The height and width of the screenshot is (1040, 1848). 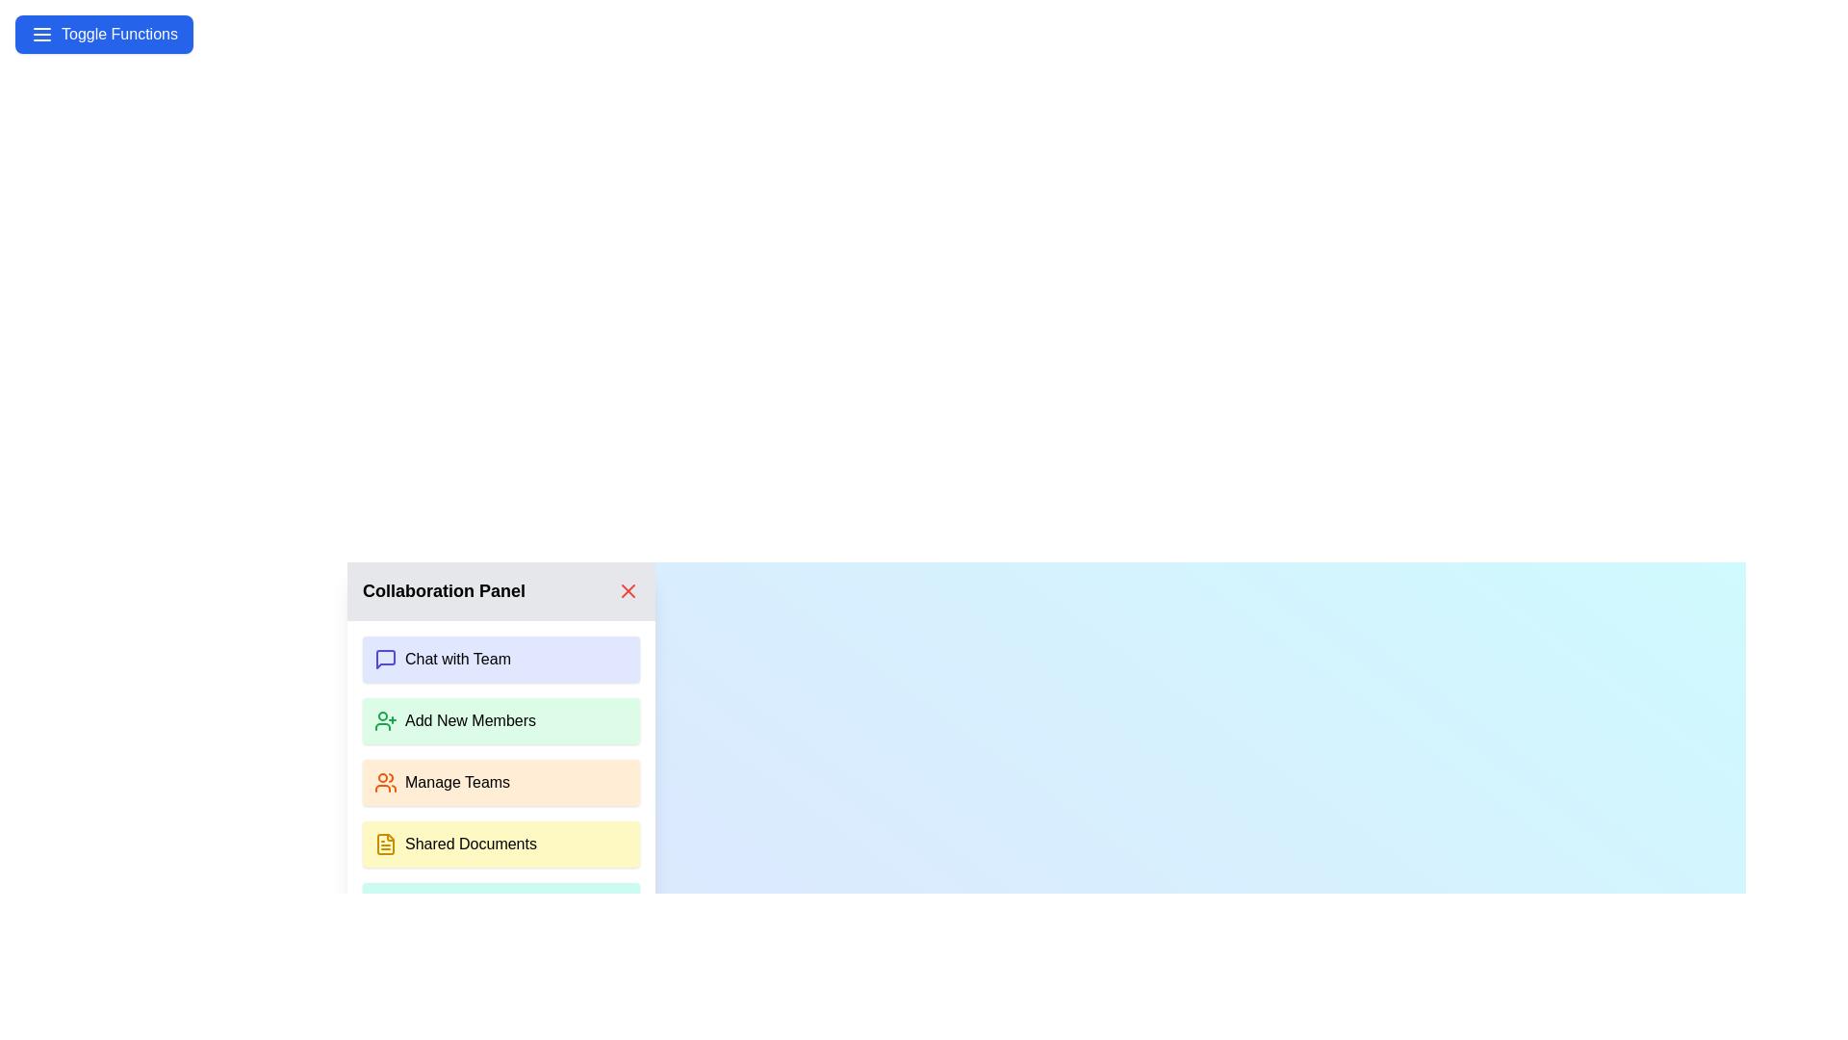 I want to click on the Labeled Navigation Button, which is the fourth item in a vertically stacked list of options, so click(x=501, y=843).